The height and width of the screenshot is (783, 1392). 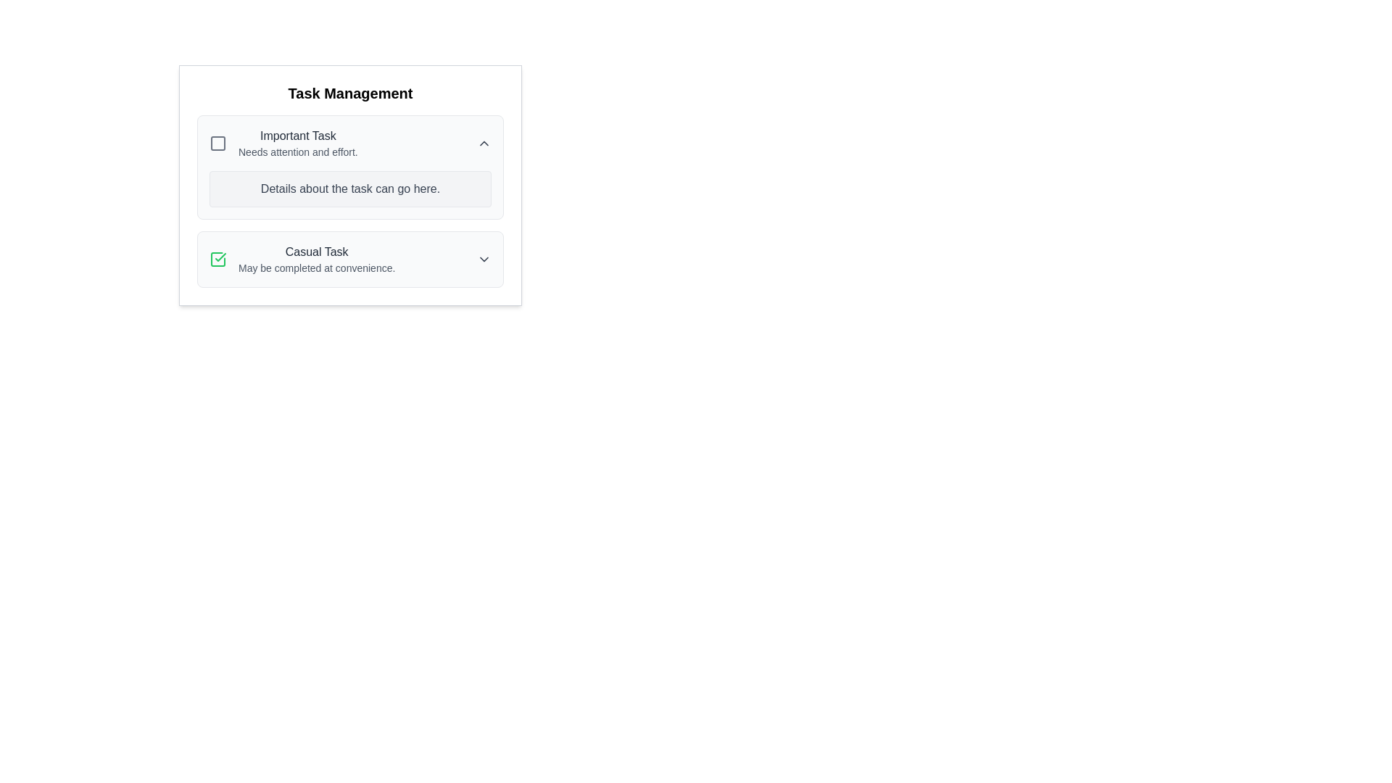 I want to click on task's title and description from the second task text block located below 'Important Task' in the task management interface, so click(x=316, y=259).